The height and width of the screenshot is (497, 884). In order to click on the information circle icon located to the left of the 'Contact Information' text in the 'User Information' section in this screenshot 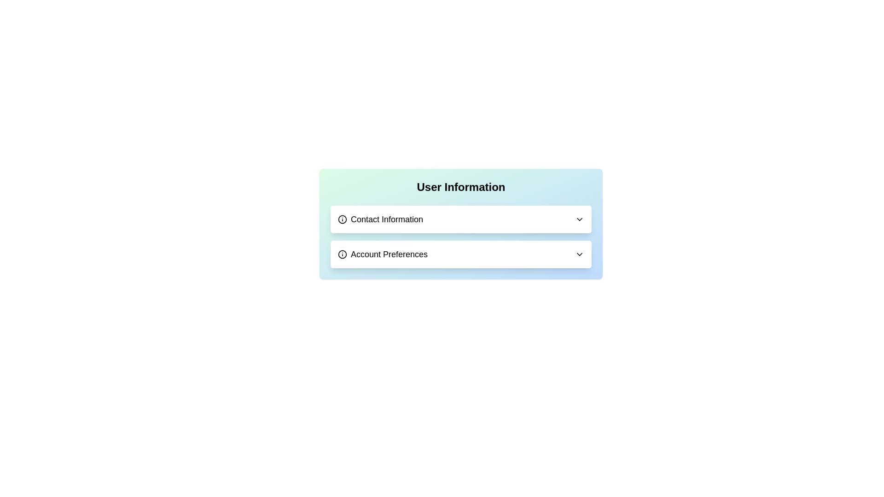, I will do `click(342, 220)`.